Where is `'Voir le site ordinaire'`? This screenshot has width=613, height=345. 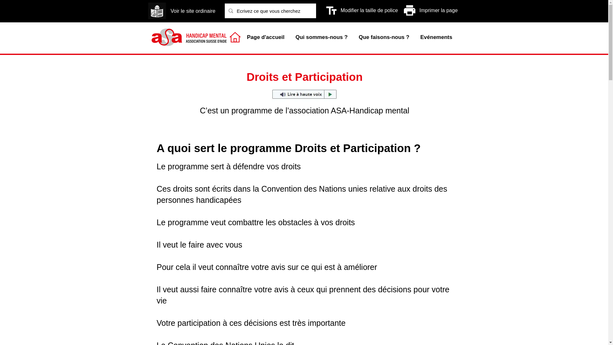
'Voir le site ordinaire' is located at coordinates (193, 11).